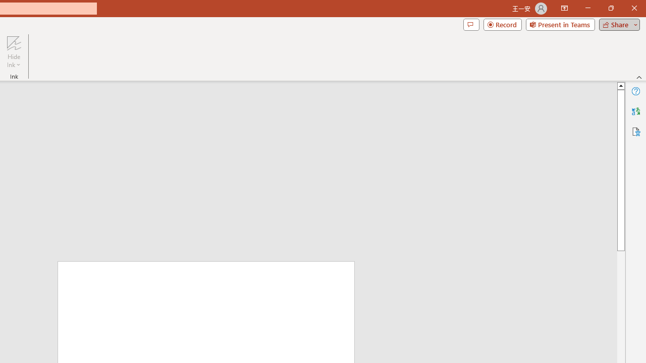  Describe the element at coordinates (14, 42) in the screenshot. I see `'Hide Ink'` at that location.